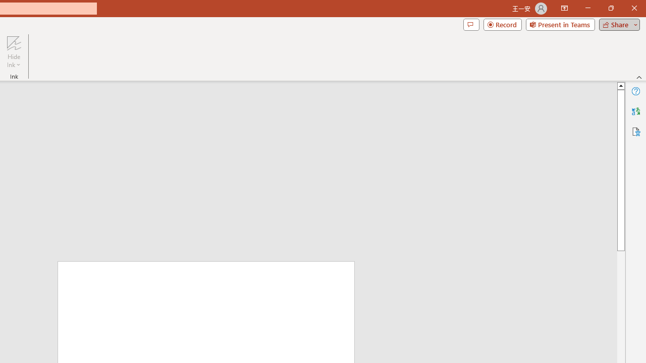  Describe the element at coordinates (14, 42) in the screenshot. I see `'Hide Ink'` at that location.